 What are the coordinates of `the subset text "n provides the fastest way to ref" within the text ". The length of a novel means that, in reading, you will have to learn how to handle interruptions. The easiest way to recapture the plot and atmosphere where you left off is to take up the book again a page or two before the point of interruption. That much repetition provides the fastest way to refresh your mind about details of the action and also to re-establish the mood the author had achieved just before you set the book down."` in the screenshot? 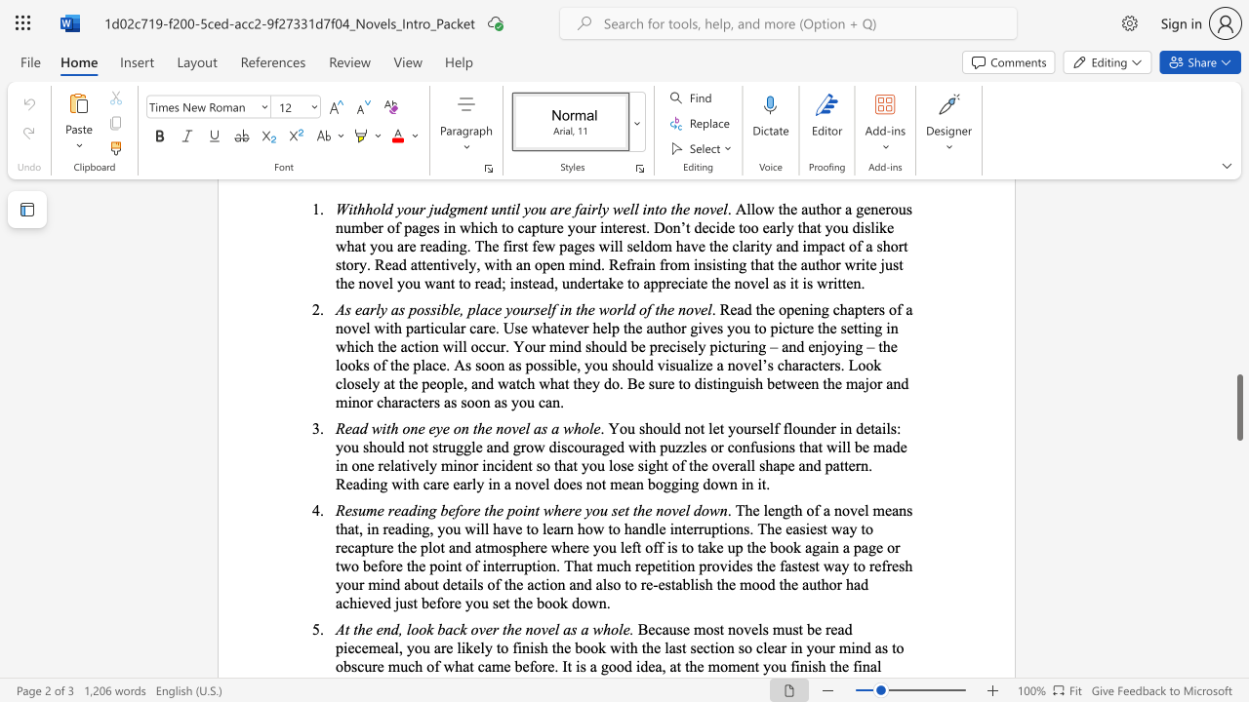 It's located at (687, 565).